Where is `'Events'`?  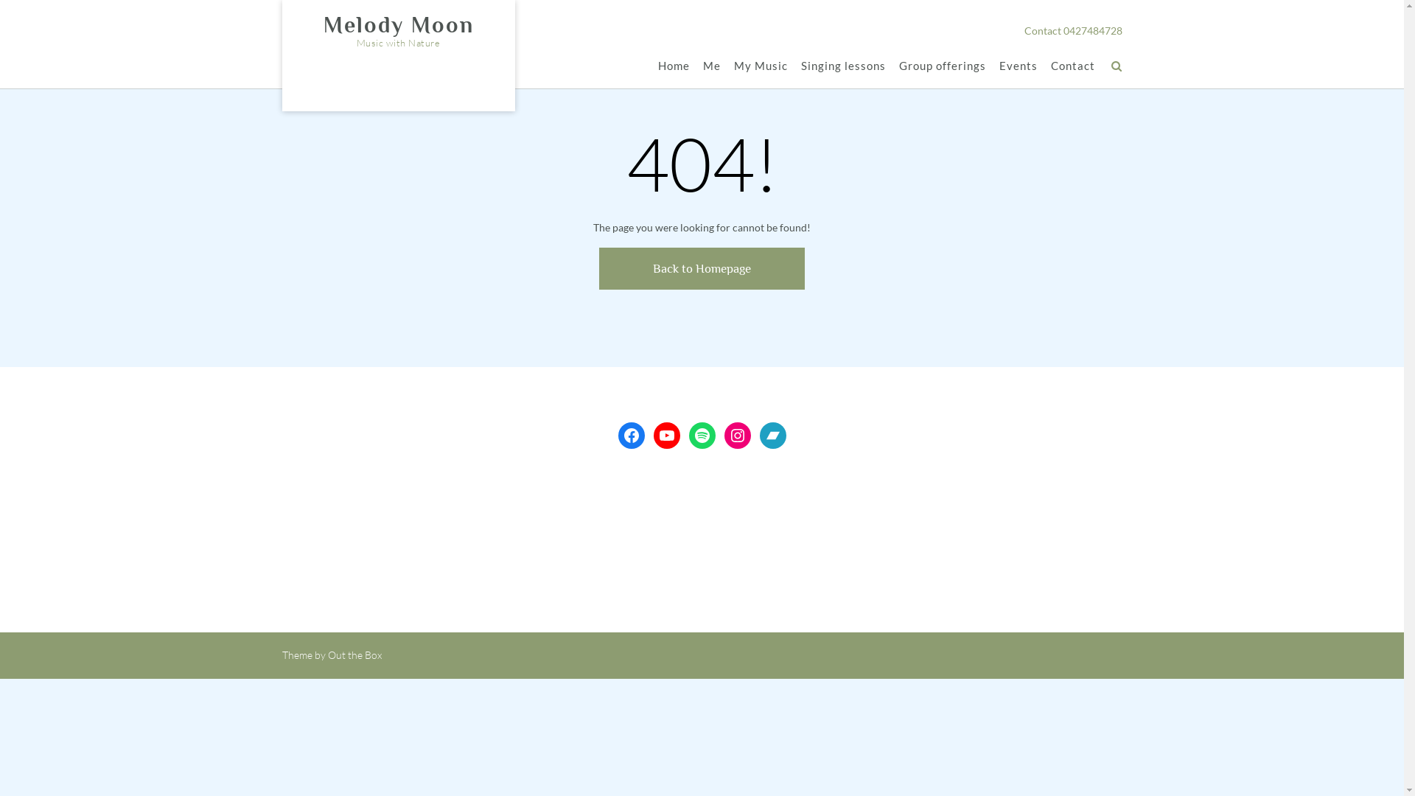 'Events' is located at coordinates (1018, 65).